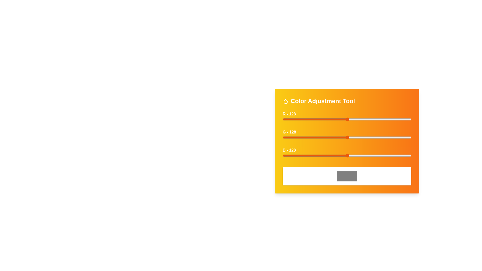 The height and width of the screenshot is (271, 482). I want to click on the green slider to set the green intensity to 221, so click(394, 137).